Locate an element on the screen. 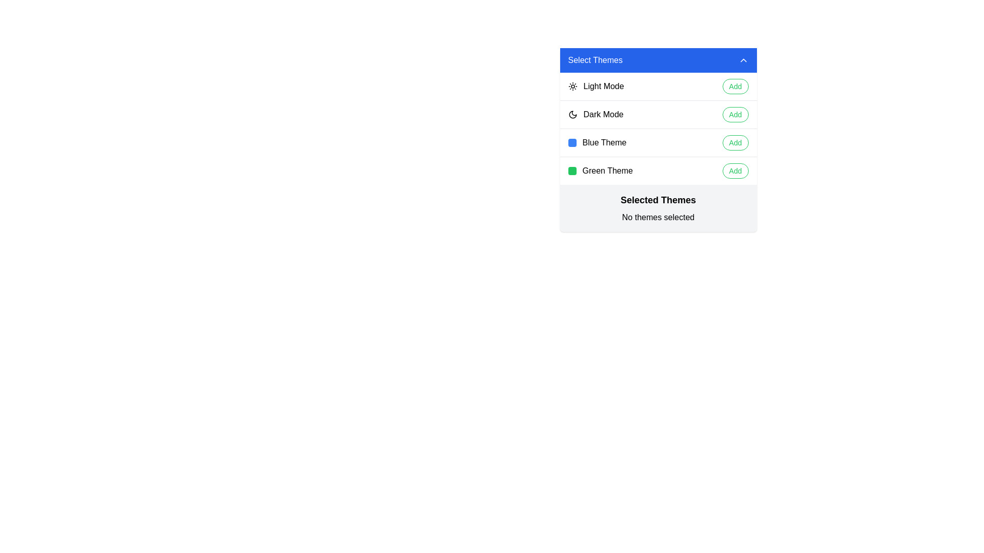 The image size is (984, 553). the 'Green Theme' label element, which features a color indicator and is positioned fourth in the 'Select Themes' section, below the 'Blue Theme' and above the 'Add' button is located at coordinates (600, 171).